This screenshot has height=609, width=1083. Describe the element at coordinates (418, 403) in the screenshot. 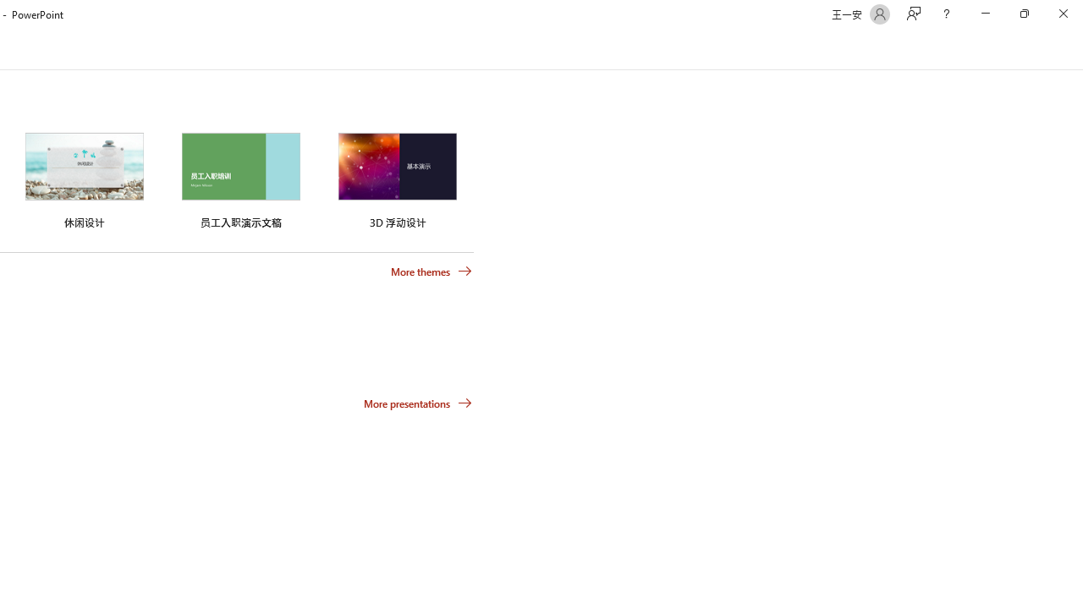

I see `'More presentations'` at that location.